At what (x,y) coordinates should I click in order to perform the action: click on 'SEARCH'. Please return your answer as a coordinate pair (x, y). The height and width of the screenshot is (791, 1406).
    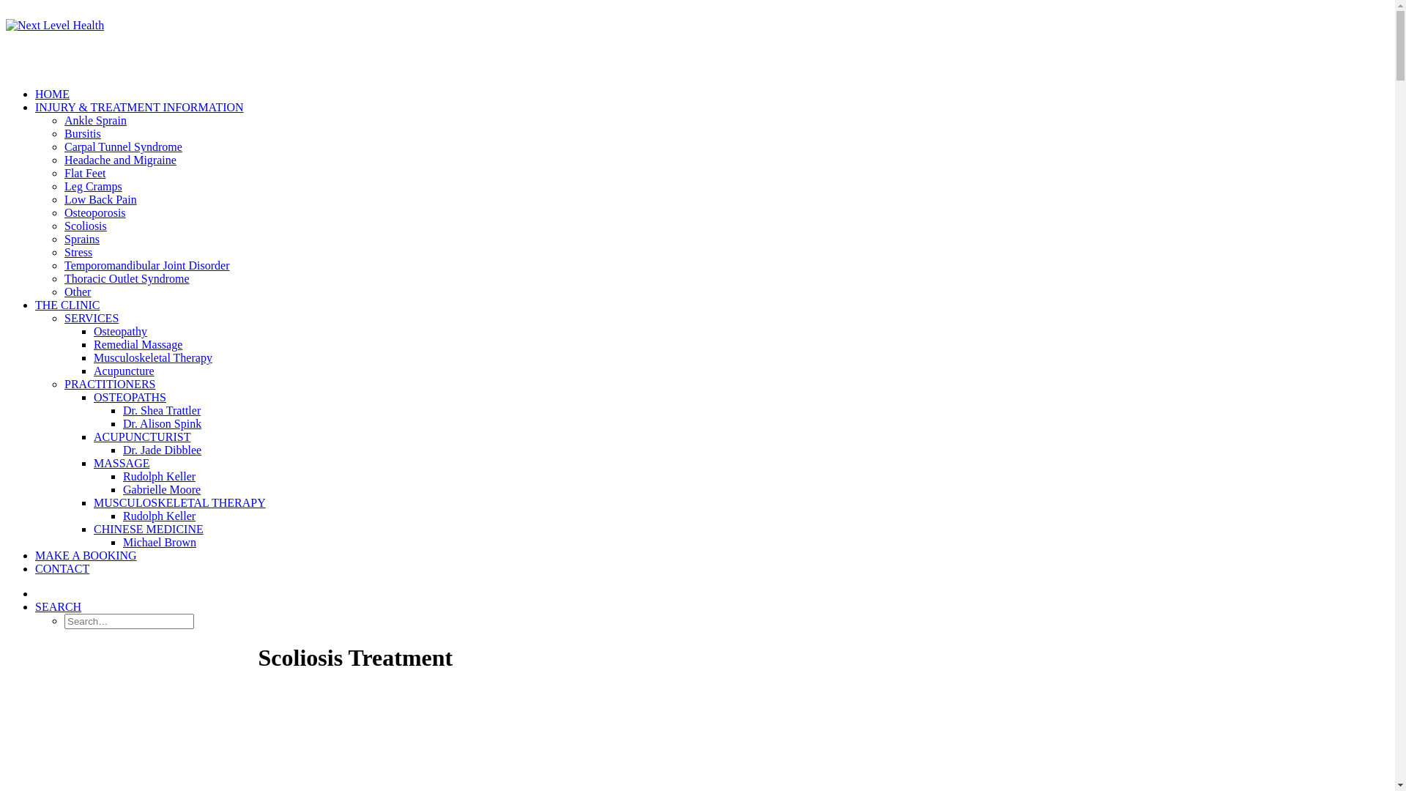
    Looking at the image, I should click on (58, 606).